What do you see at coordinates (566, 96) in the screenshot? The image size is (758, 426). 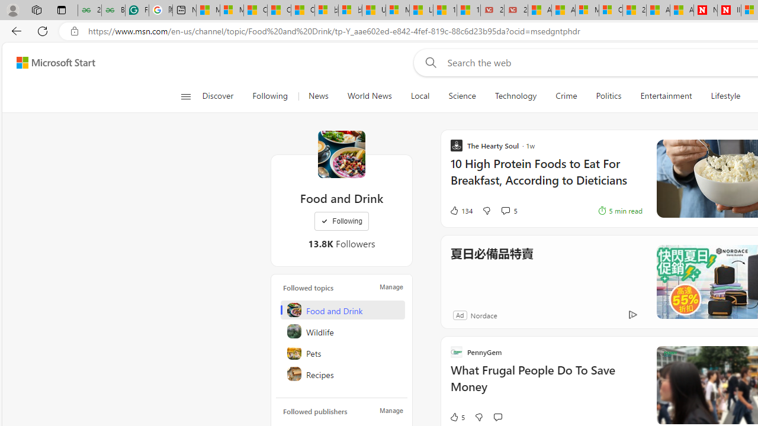 I see `'Crime'` at bounding box center [566, 96].